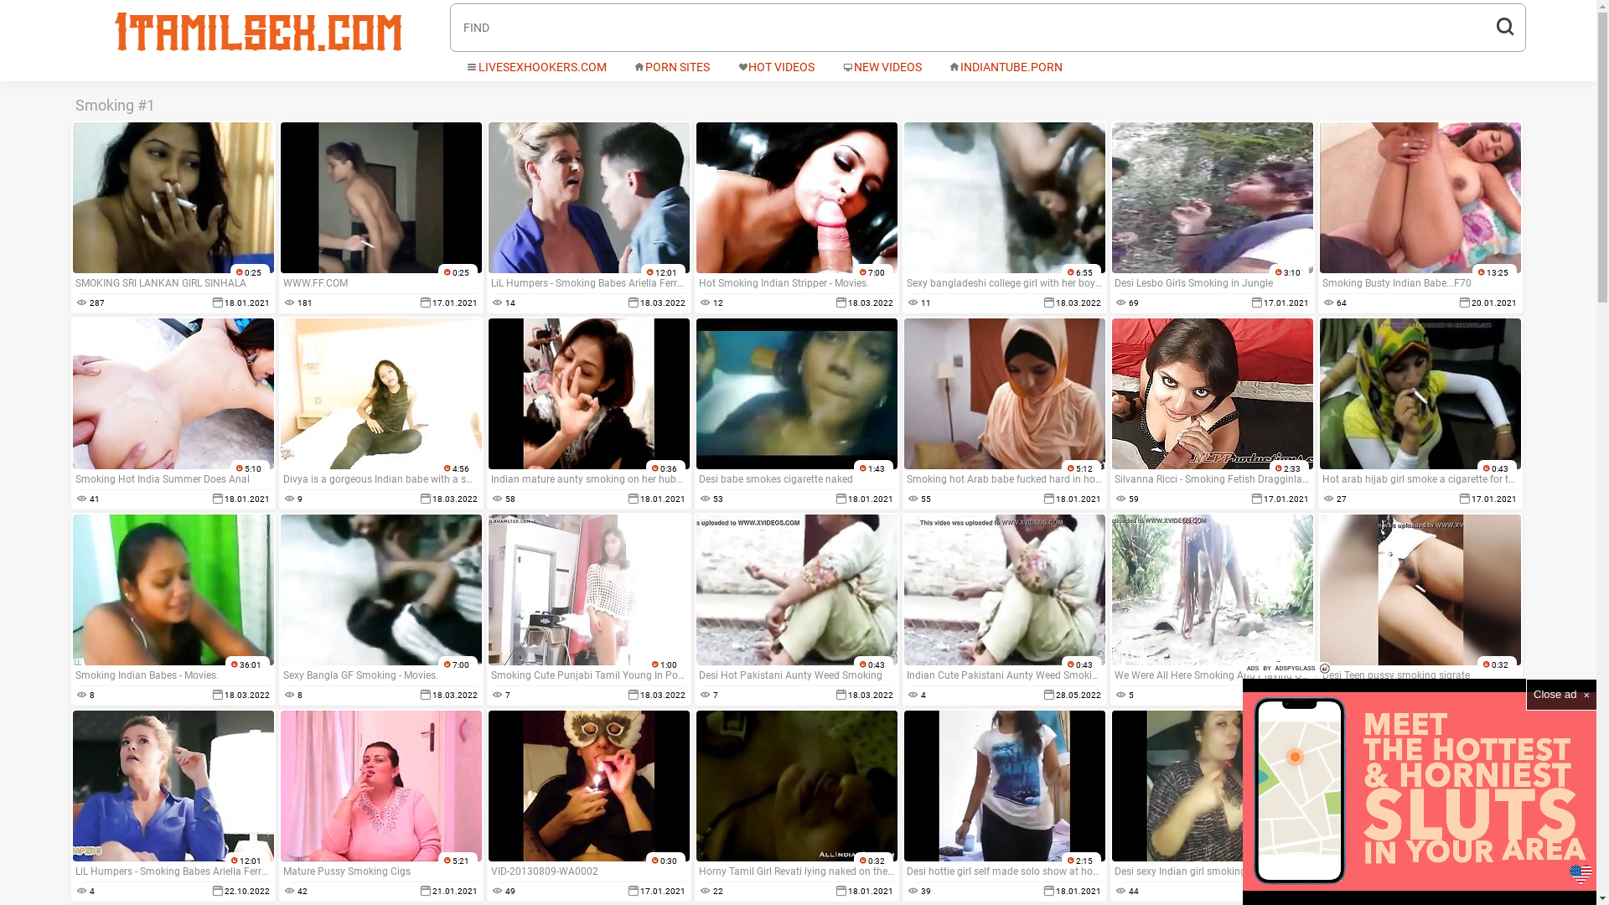  I want to click on '0:43, so click(696, 608).